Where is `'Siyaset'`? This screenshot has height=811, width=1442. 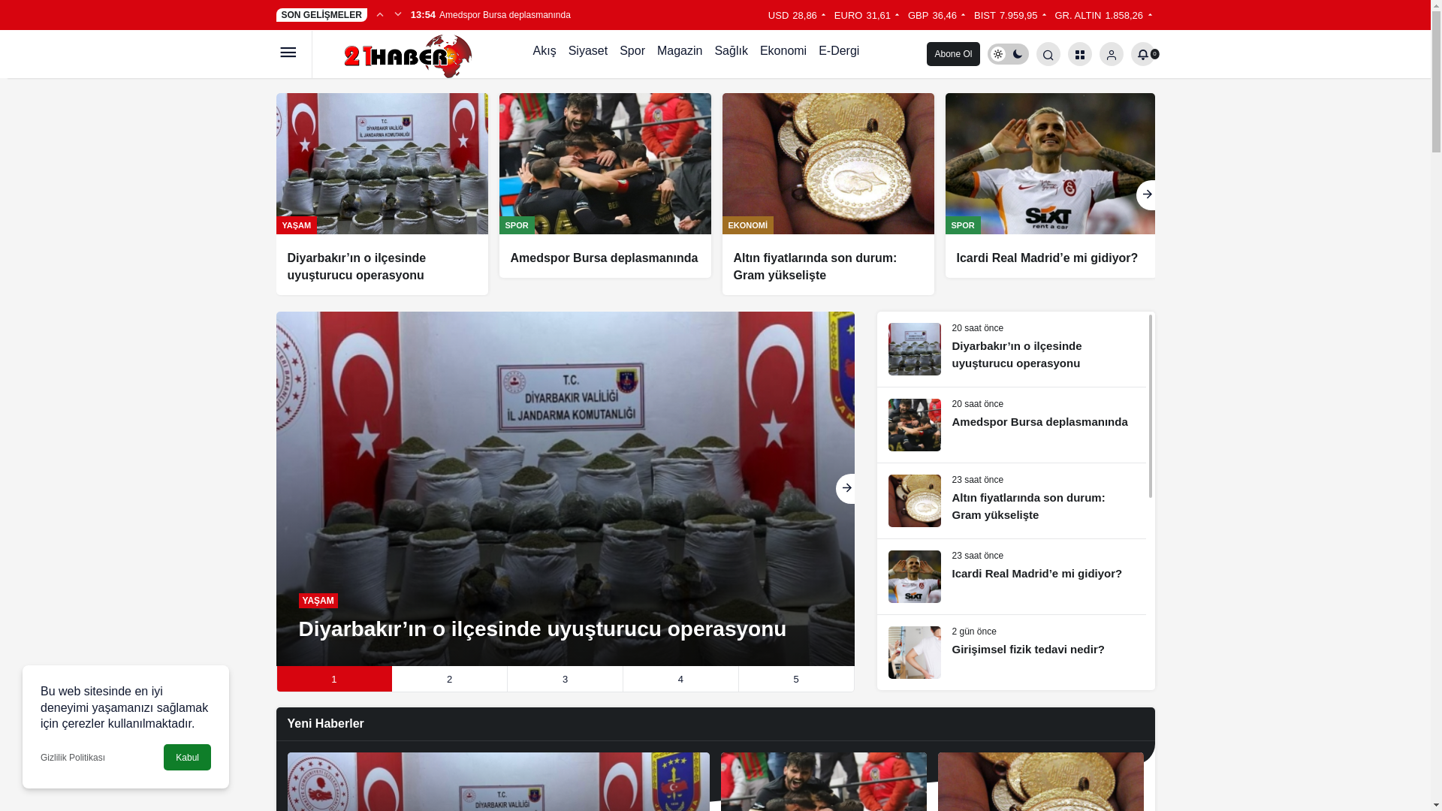 'Siyaset' is located at coordinates (587, 53).